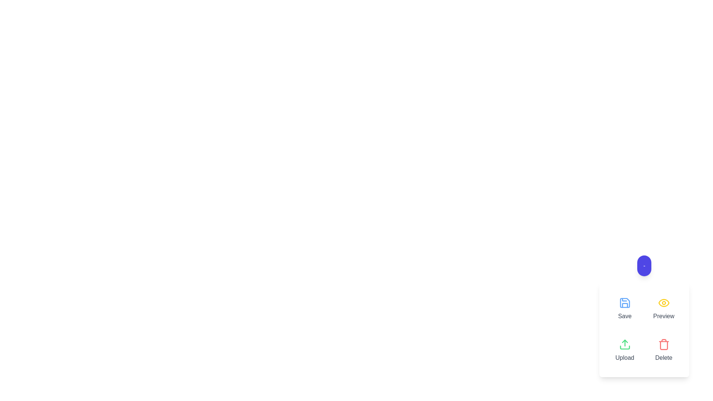 The height and width of the screenshot is (401, 713). Describe the element at coordinates (664, 309) in the screenshot. I see `the 'Preview' button to view a preview` at that location.